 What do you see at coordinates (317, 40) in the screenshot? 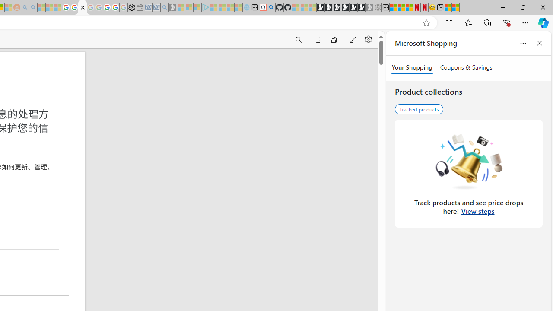
I see `'Print (Ctrl+P)'` at bounding box center [317, 40].